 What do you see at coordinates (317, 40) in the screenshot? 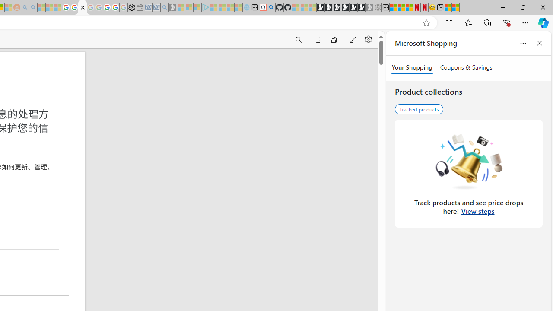
I see `'Print (Ctrl+P)'` at bounding box center [317, 40].